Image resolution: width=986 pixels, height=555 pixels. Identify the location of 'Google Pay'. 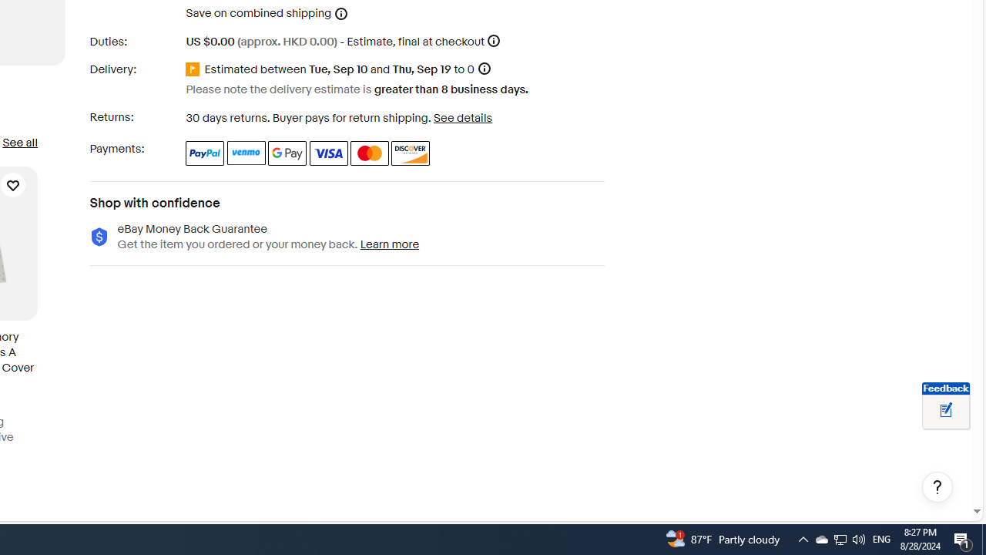
(287, 153).